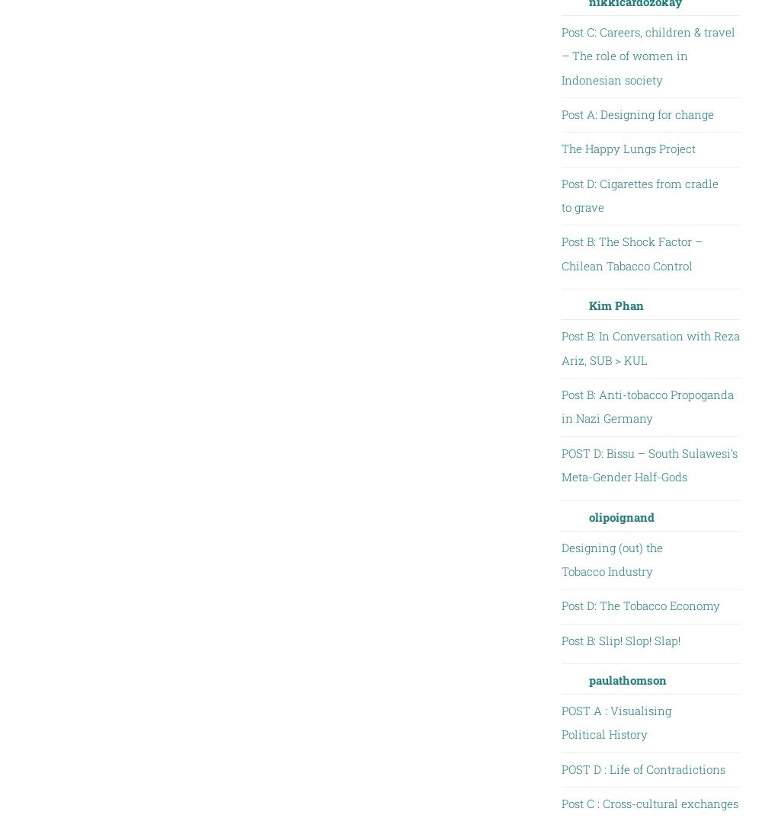 The width and height of the screenshot is (762, 821). I want to click on 'Post C : Cross-cultural exchanges', so click(648, 803).